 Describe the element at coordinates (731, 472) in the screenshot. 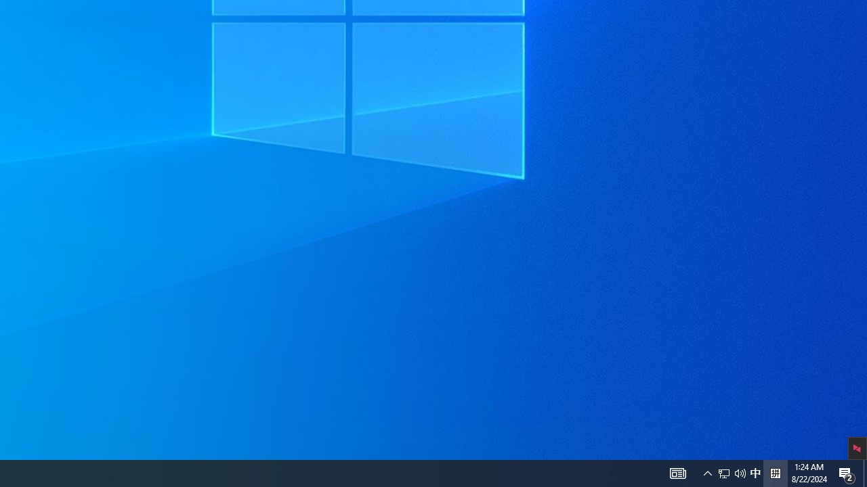

I see `'User Promoted Notification Area'` at that location.